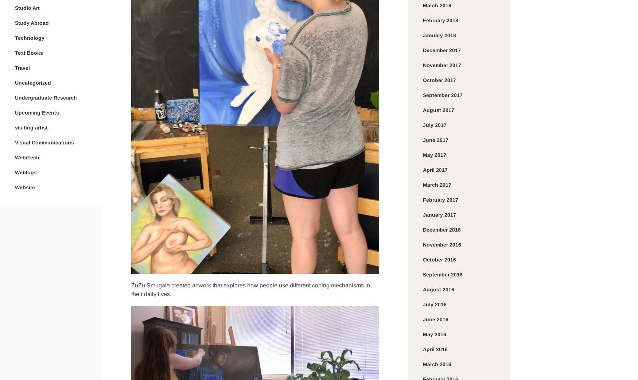 The width and height of the screenshot is (638, 380). Describe the element at coordinates (423, 35) in the screenshot. I see `'January 2018'` at that location.